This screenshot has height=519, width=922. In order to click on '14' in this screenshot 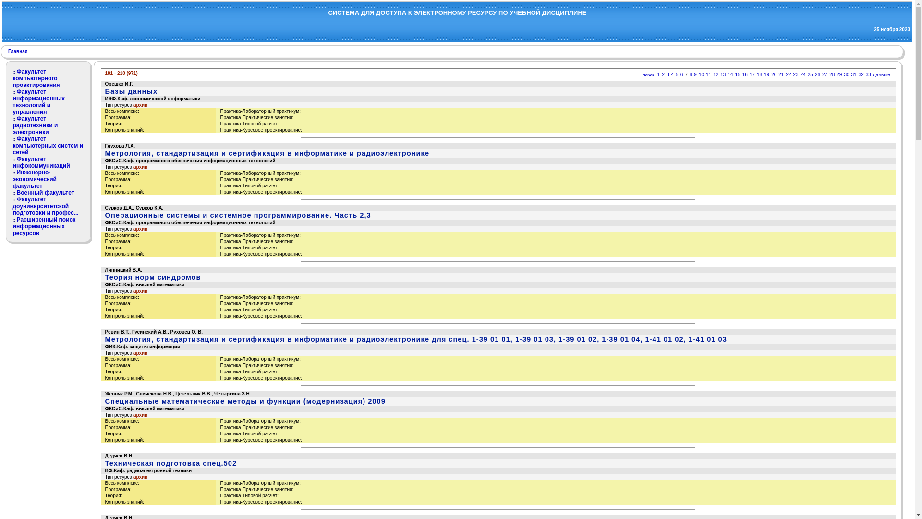, I will do `click(728, 74)`.